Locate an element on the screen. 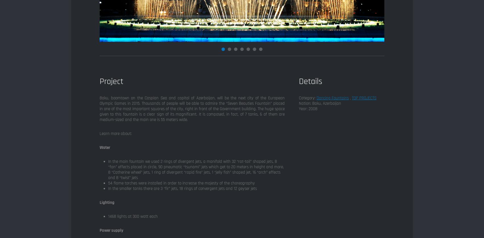 This screenshot has width=484, height=238. 'Baku, boomtown on the Caspian Sea and capital of Azerbaijan, will be the next city of the European Olympic Games in 2015. Thousands of people will be able to admire the “Seven Beauties Fountain” placed in one of the most important squares of the city, right in front of the Government building. The huge space given to this fountain is a clear sign of its magnificent. It is composed, in fact, of 7 tanks, 6 of them are medium-sized and the main one is 55 meters wide.' is located at coordinates (192, 108).